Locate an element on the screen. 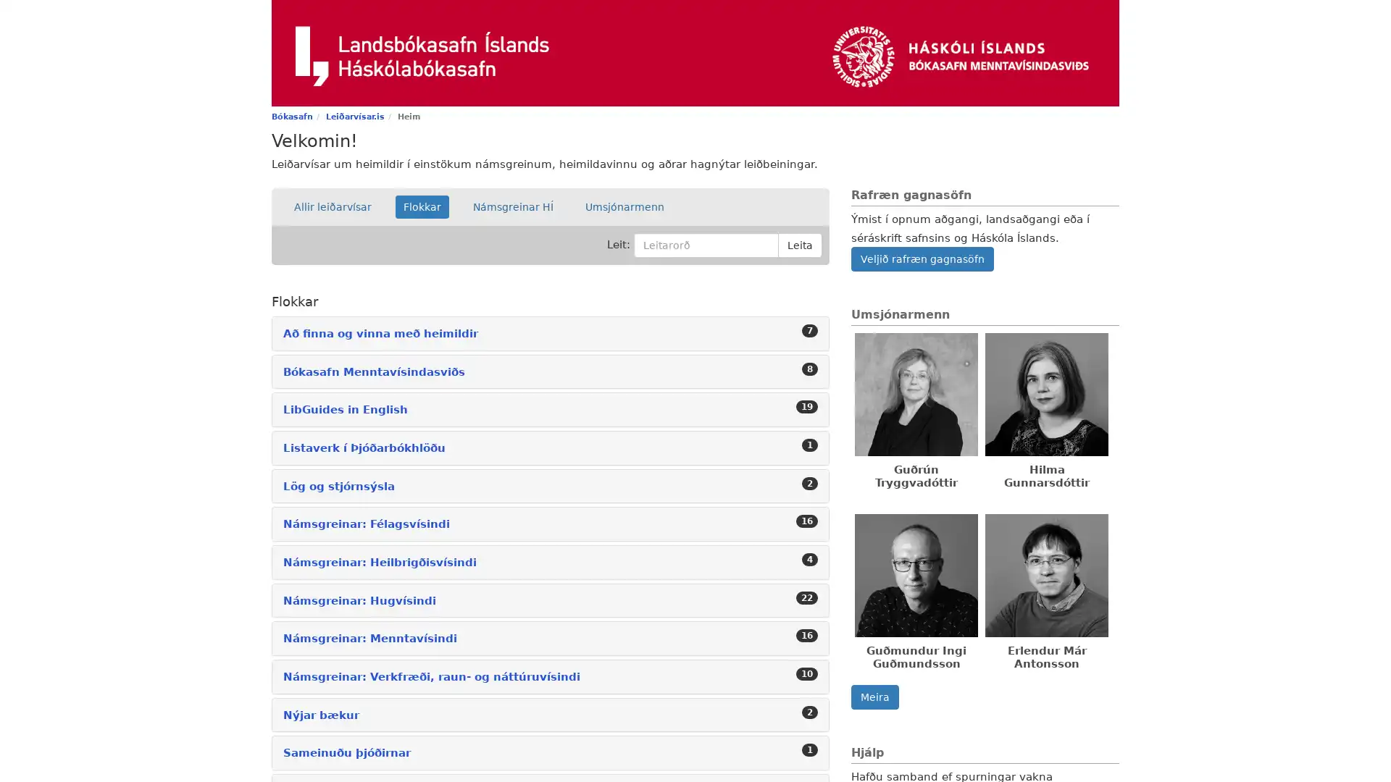 The height and width of the screenshot is (782, 1391). Leita is located at coordinates (799, 244).